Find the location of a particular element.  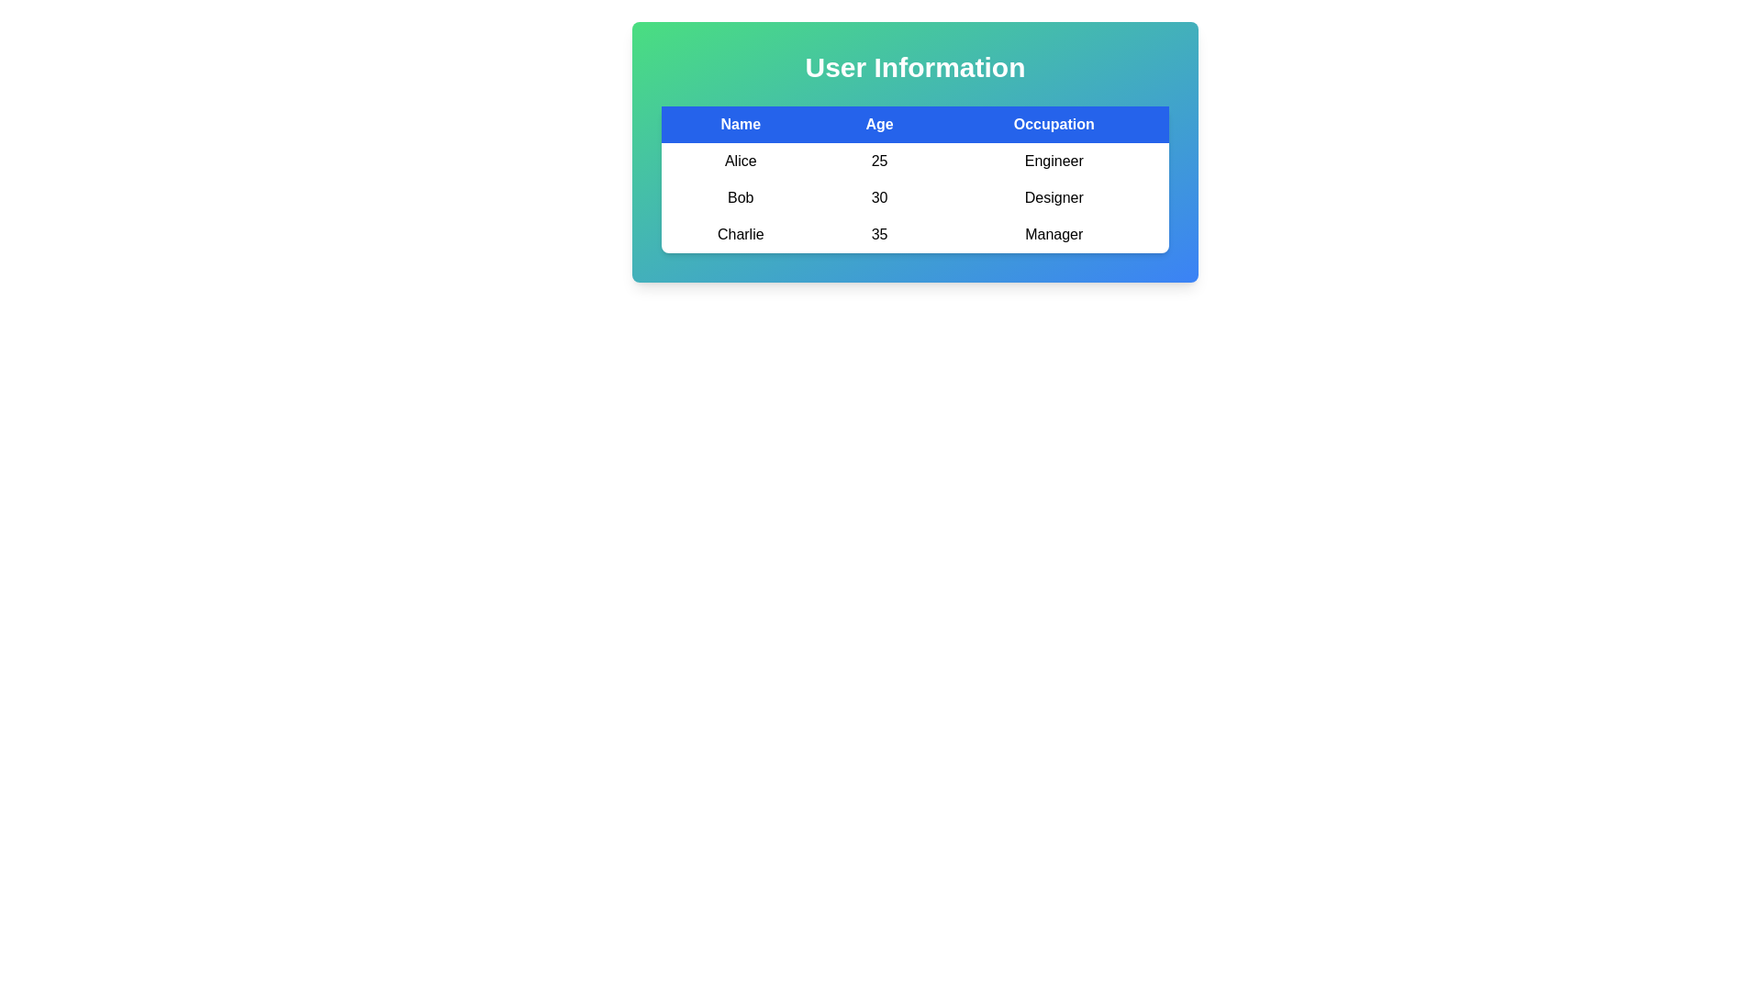

the table row containing user information for 'Charlie', who is 35 years old and a 'Manager' is located at coordinates (915, 233).